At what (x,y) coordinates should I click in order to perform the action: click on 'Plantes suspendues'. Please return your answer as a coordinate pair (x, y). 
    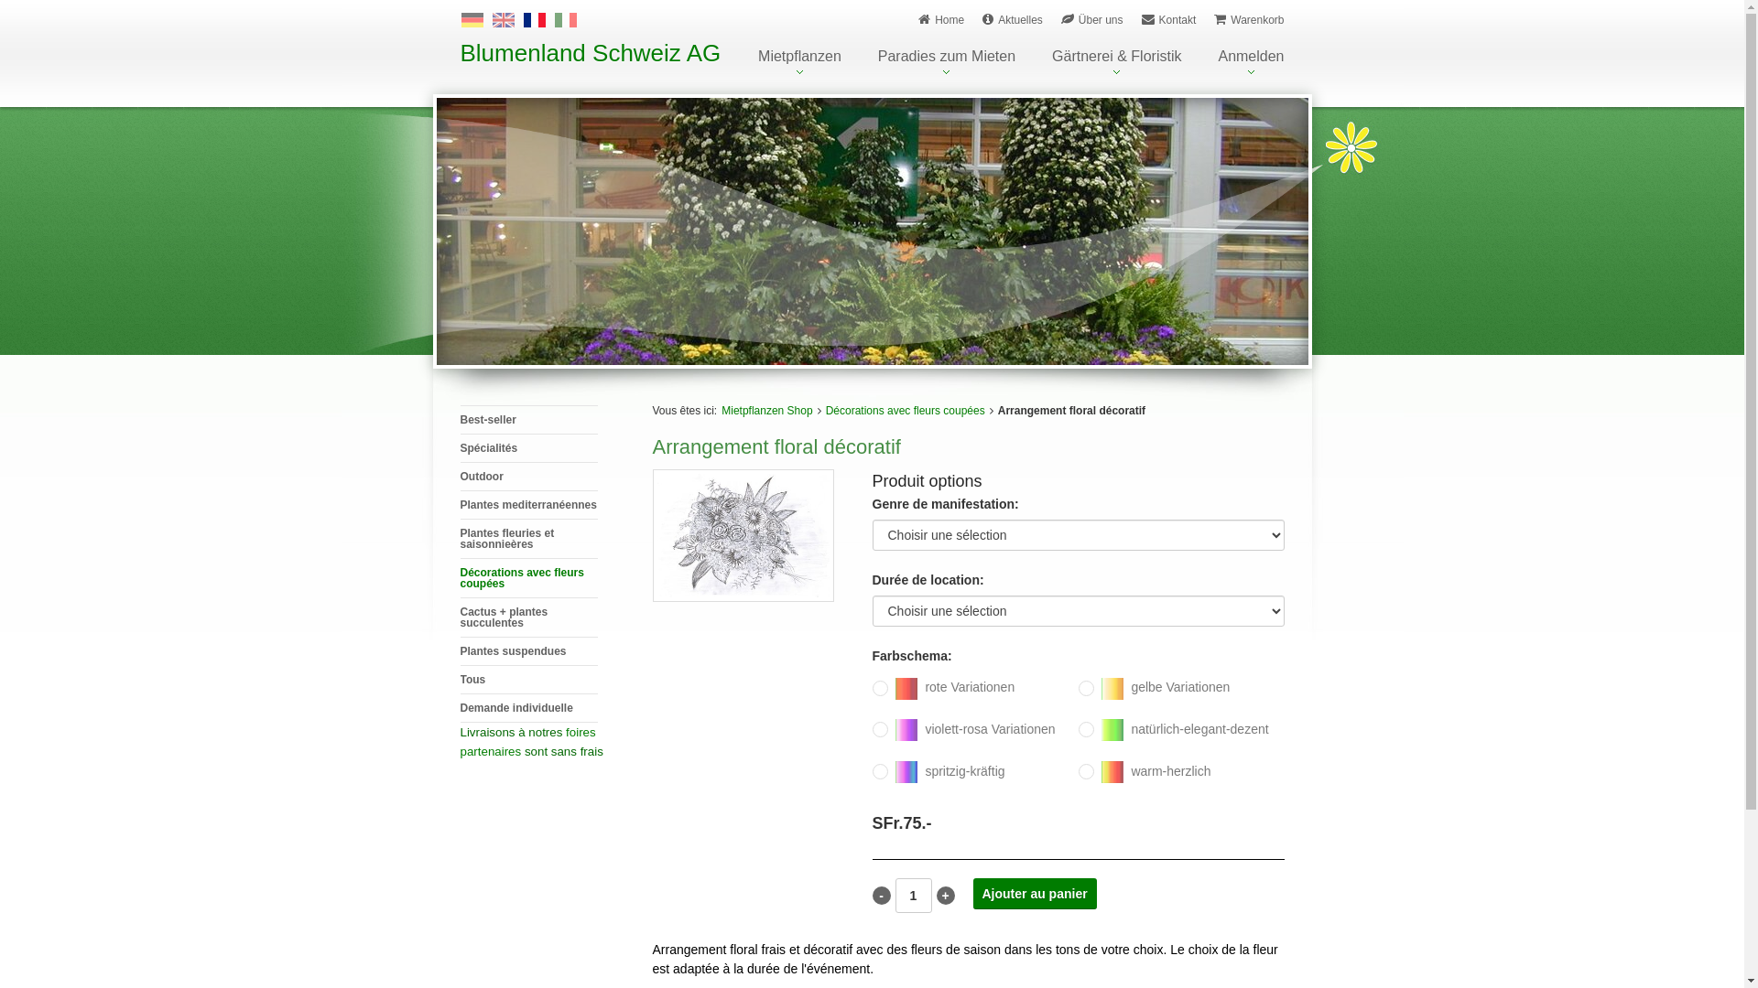
    Looking at the image, I should click on (526, 650).